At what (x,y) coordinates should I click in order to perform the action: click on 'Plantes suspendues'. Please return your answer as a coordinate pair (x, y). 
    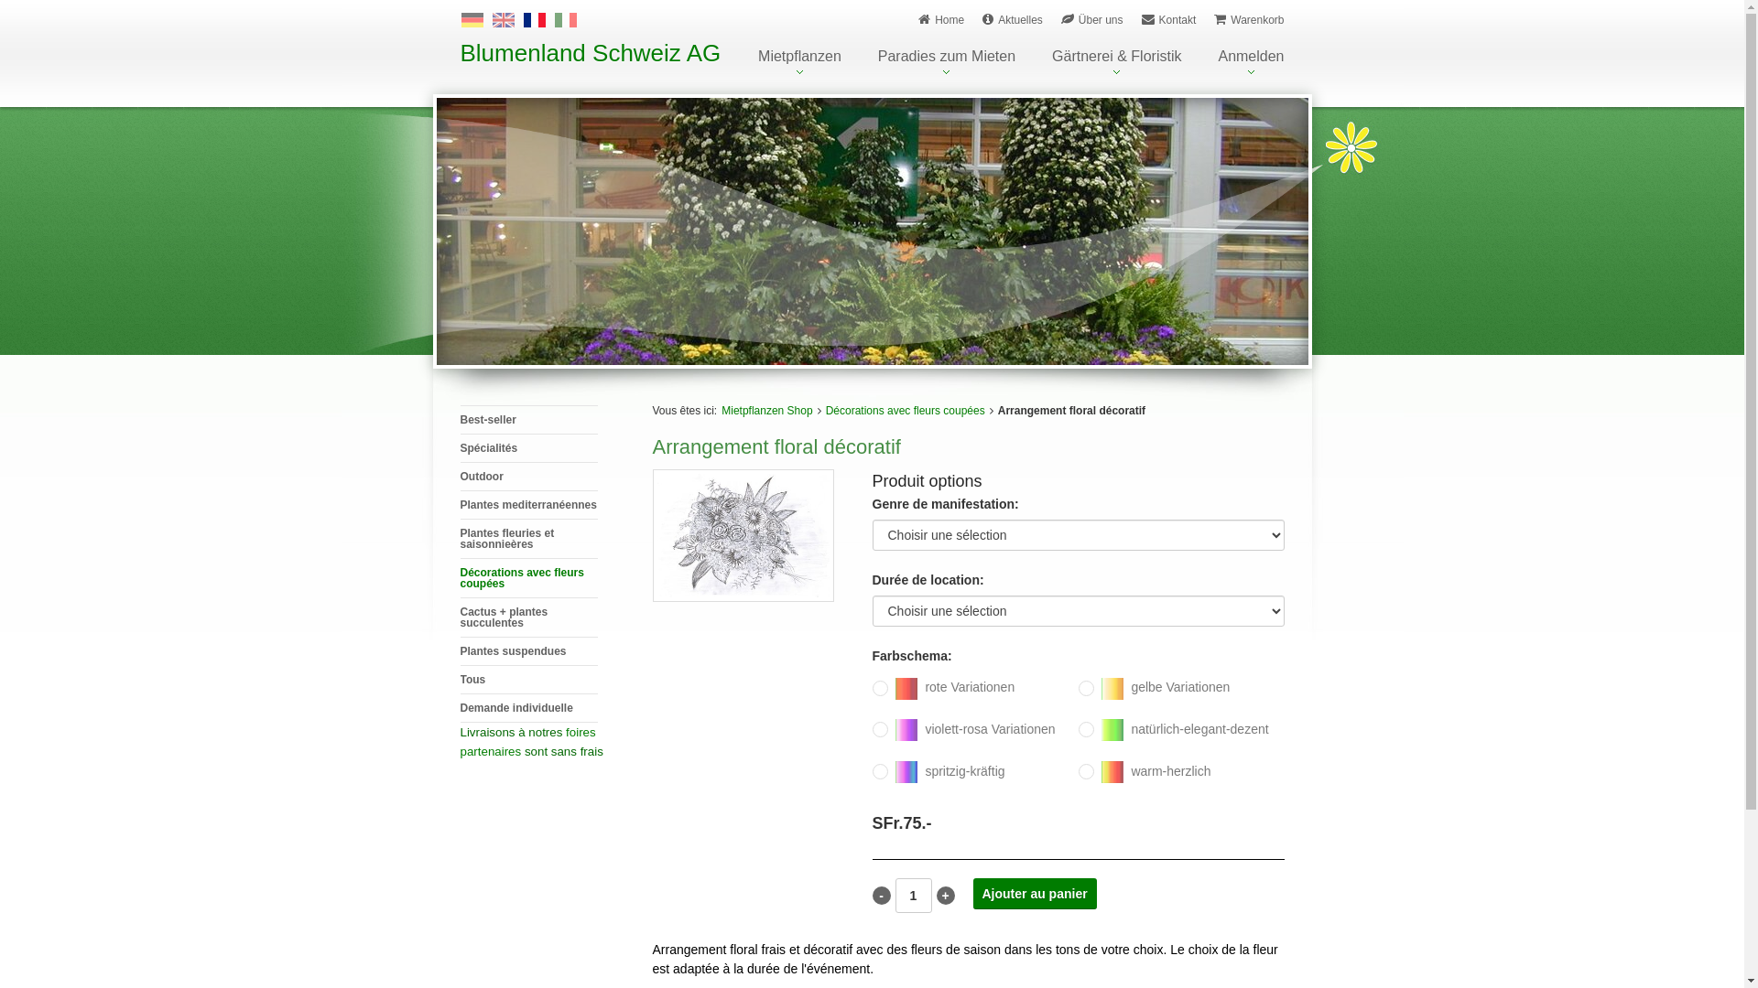
    Looking at the image, I should click on (526, 650).